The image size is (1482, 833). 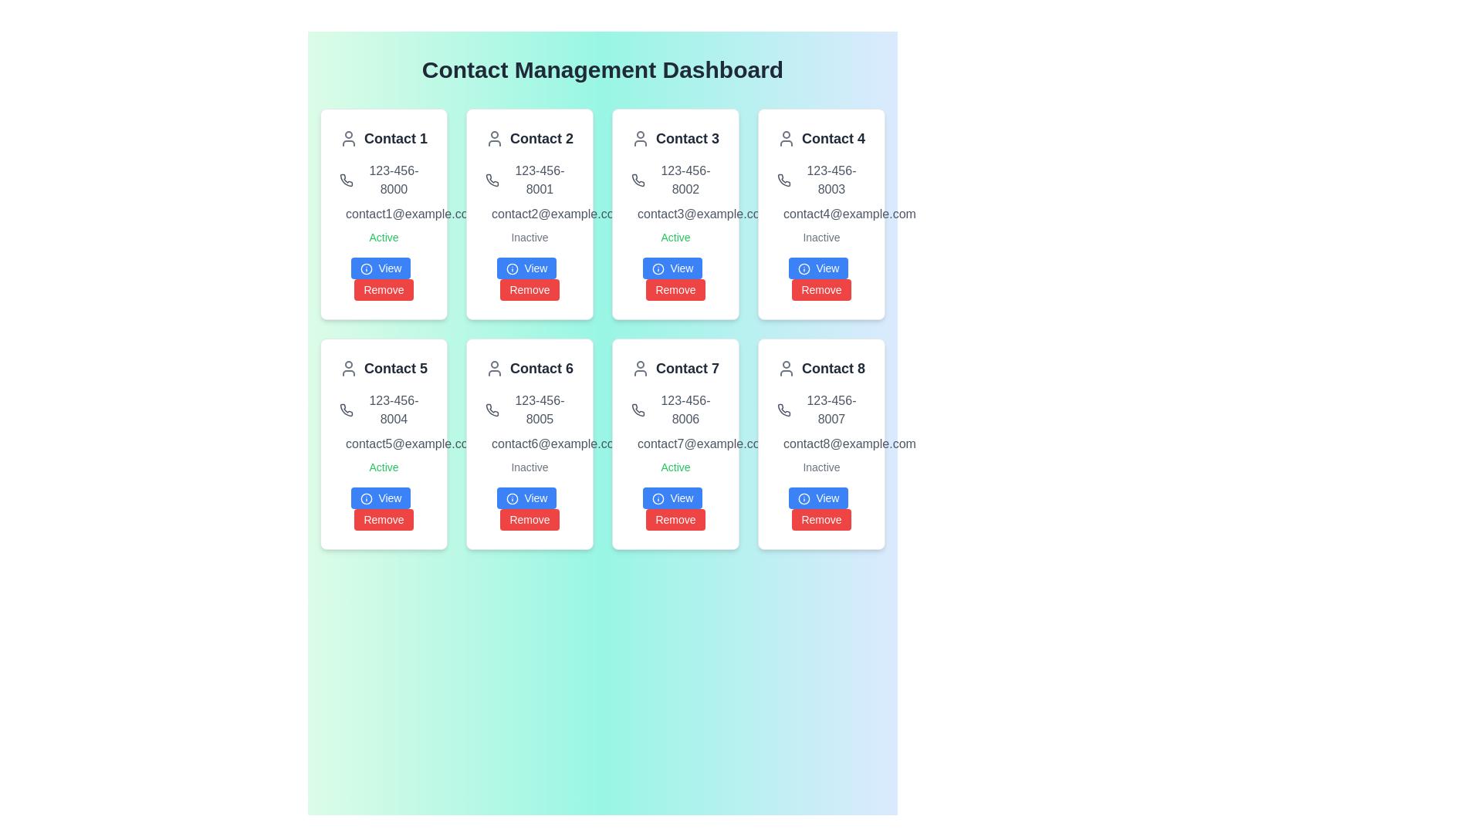 I want to click on the blue 'View' button with rounded corners located within the 'Contact 7' card to observe the hover effect, so click(x=672, y=497).